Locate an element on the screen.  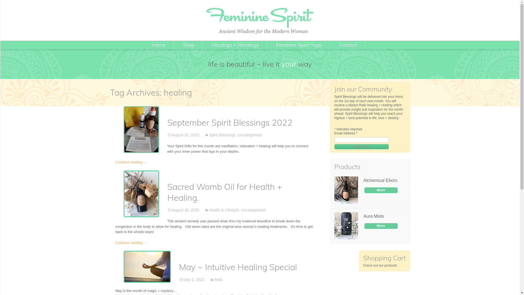
'Contact' is located at coordinates (331, 45).